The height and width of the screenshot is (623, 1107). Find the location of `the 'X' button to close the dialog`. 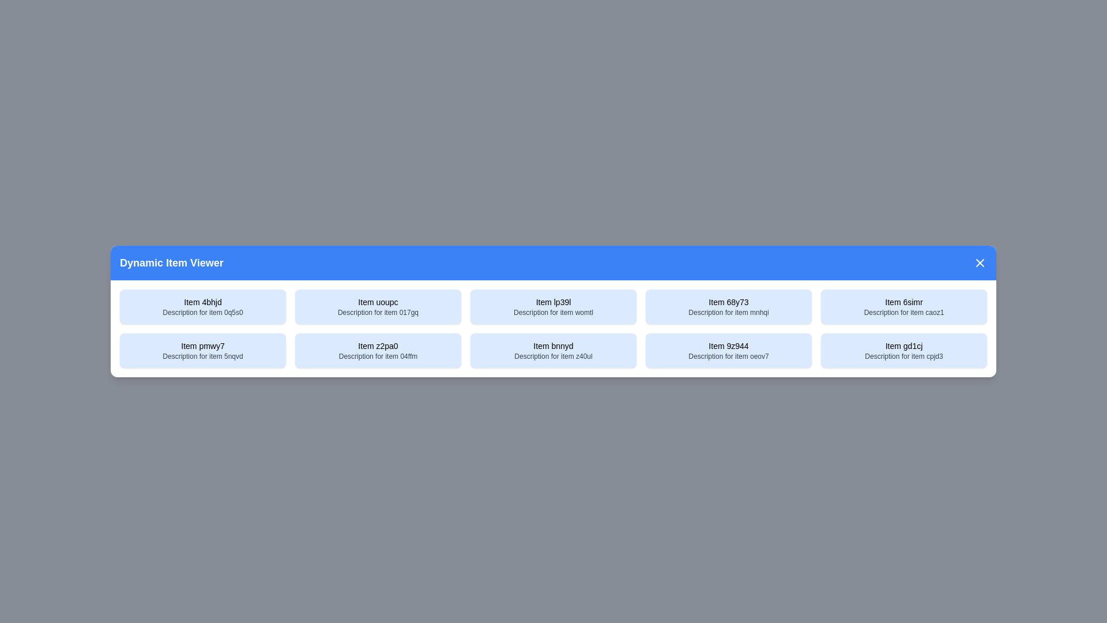

the 'X' button to close the dialog is located at coordinates (979, 262).